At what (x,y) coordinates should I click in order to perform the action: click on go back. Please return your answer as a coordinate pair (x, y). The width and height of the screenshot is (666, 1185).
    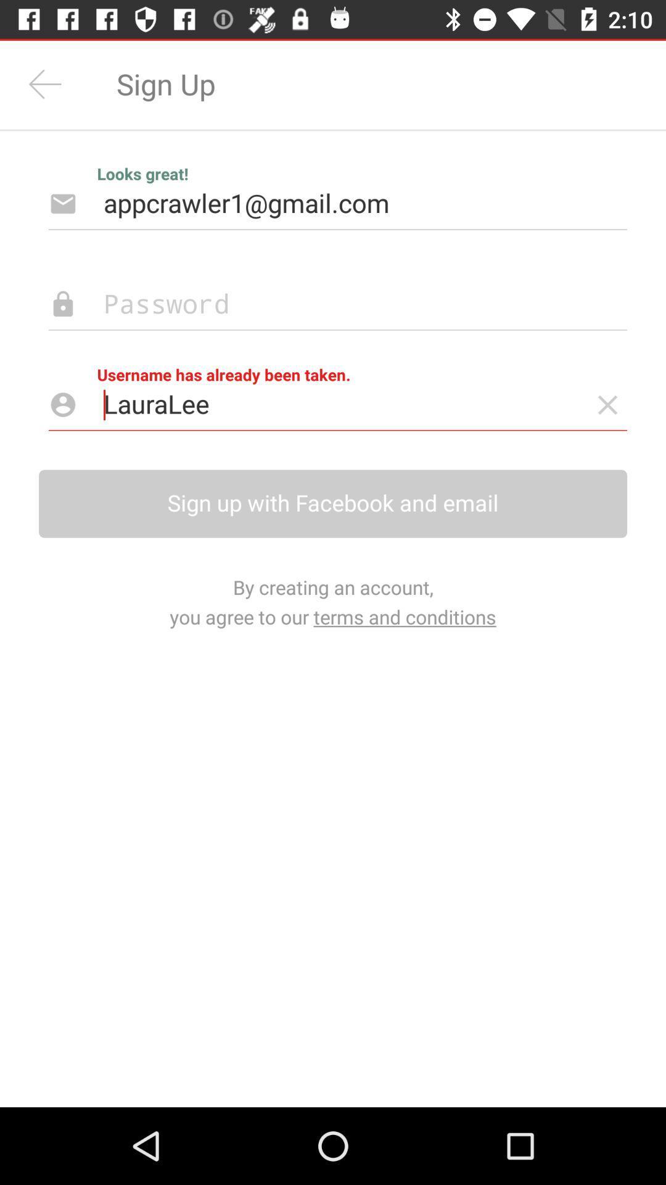
    Looking at the image, I should click on (44, 83).